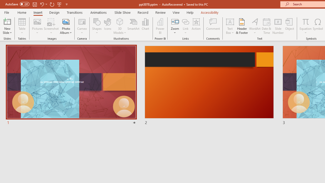 The width and height of the screenshot is (325, 183). Describe the element at coordinates (185, 21) in the screenshot. I see `'Link'` at that location.